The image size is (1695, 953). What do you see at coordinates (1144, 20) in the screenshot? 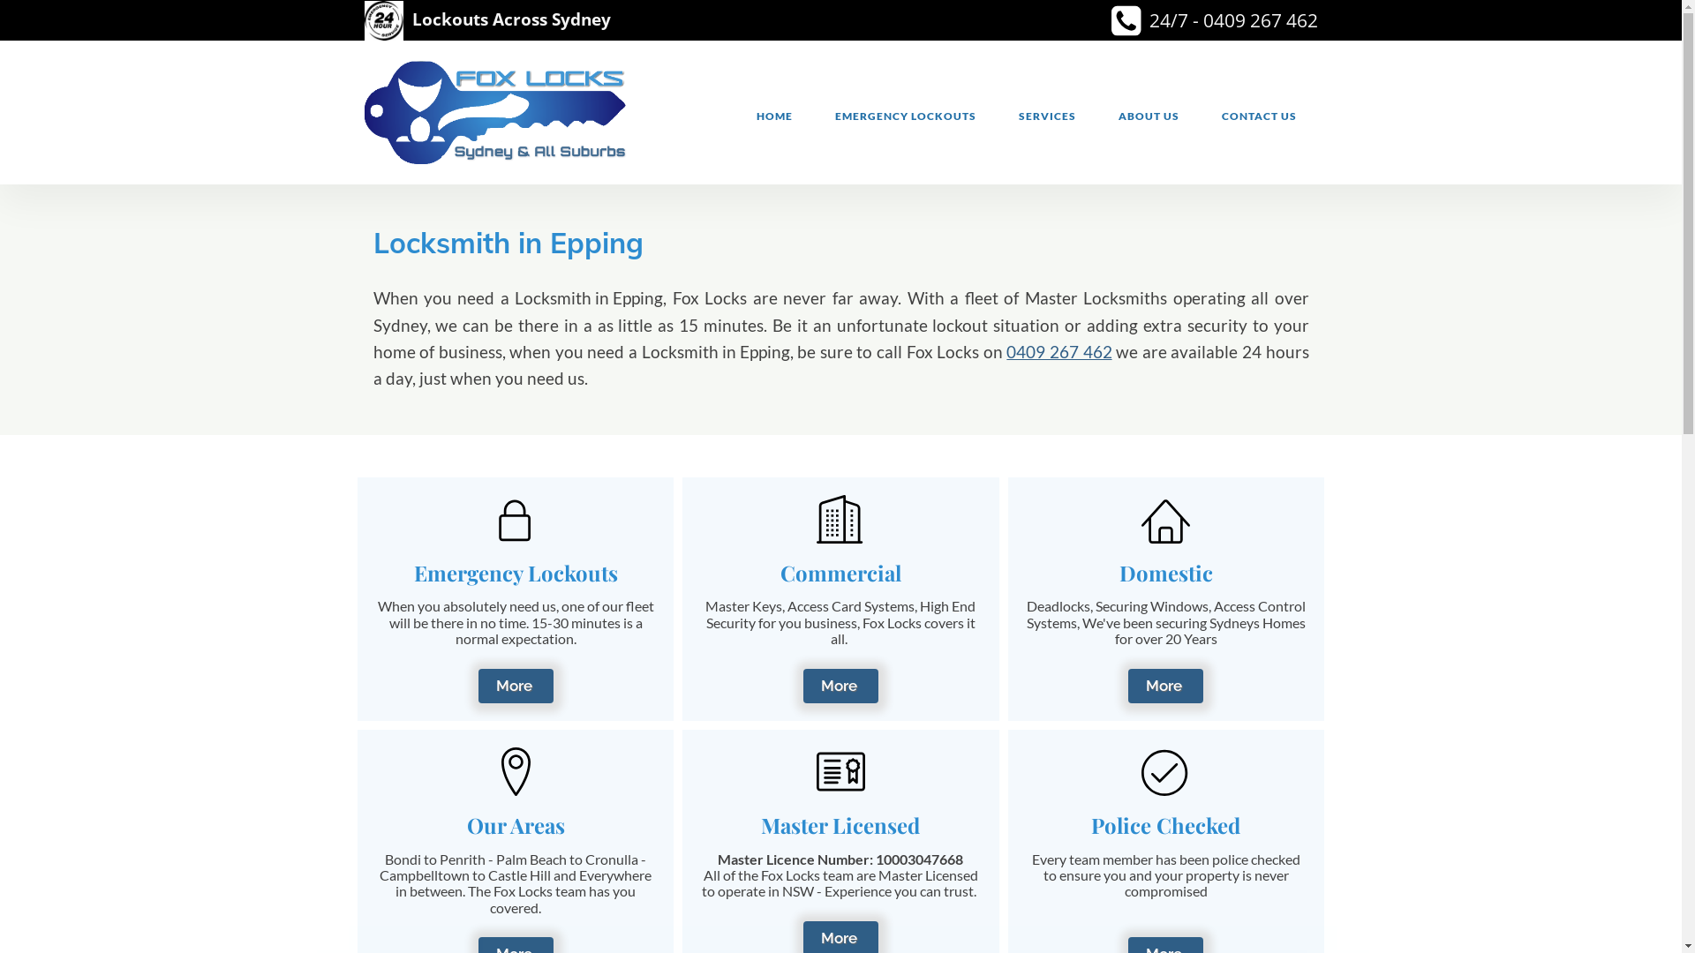
I see `' 24/7 - 0409 267 462'` at bounding box center [1144, 20].